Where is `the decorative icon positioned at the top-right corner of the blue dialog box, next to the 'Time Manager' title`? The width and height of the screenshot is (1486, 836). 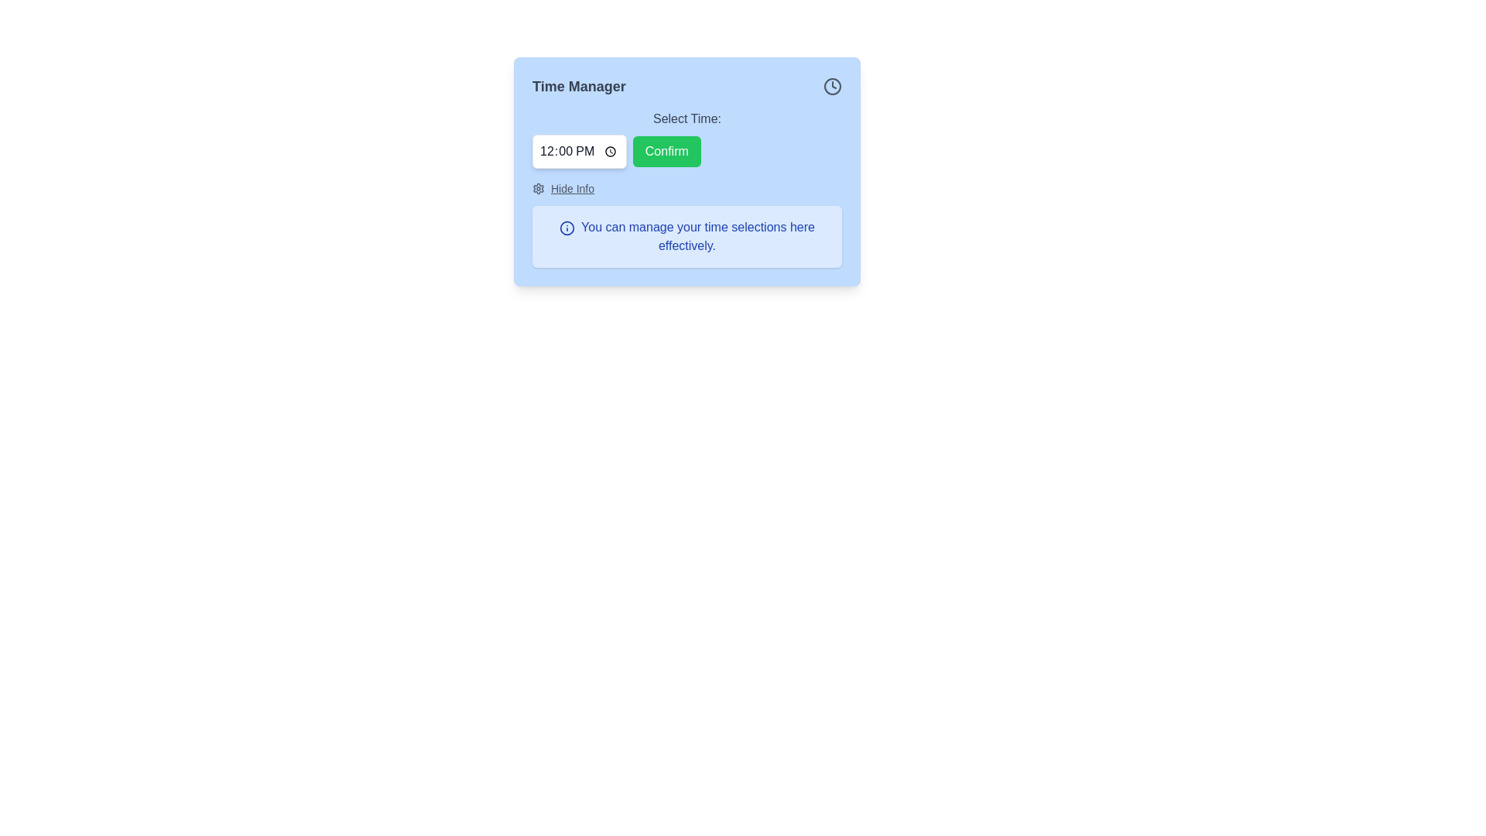 the decorative icon positioned at the top-right corner of the blue dialog box, next to the 'Time Manager' title is located at coordinates (831, 86).